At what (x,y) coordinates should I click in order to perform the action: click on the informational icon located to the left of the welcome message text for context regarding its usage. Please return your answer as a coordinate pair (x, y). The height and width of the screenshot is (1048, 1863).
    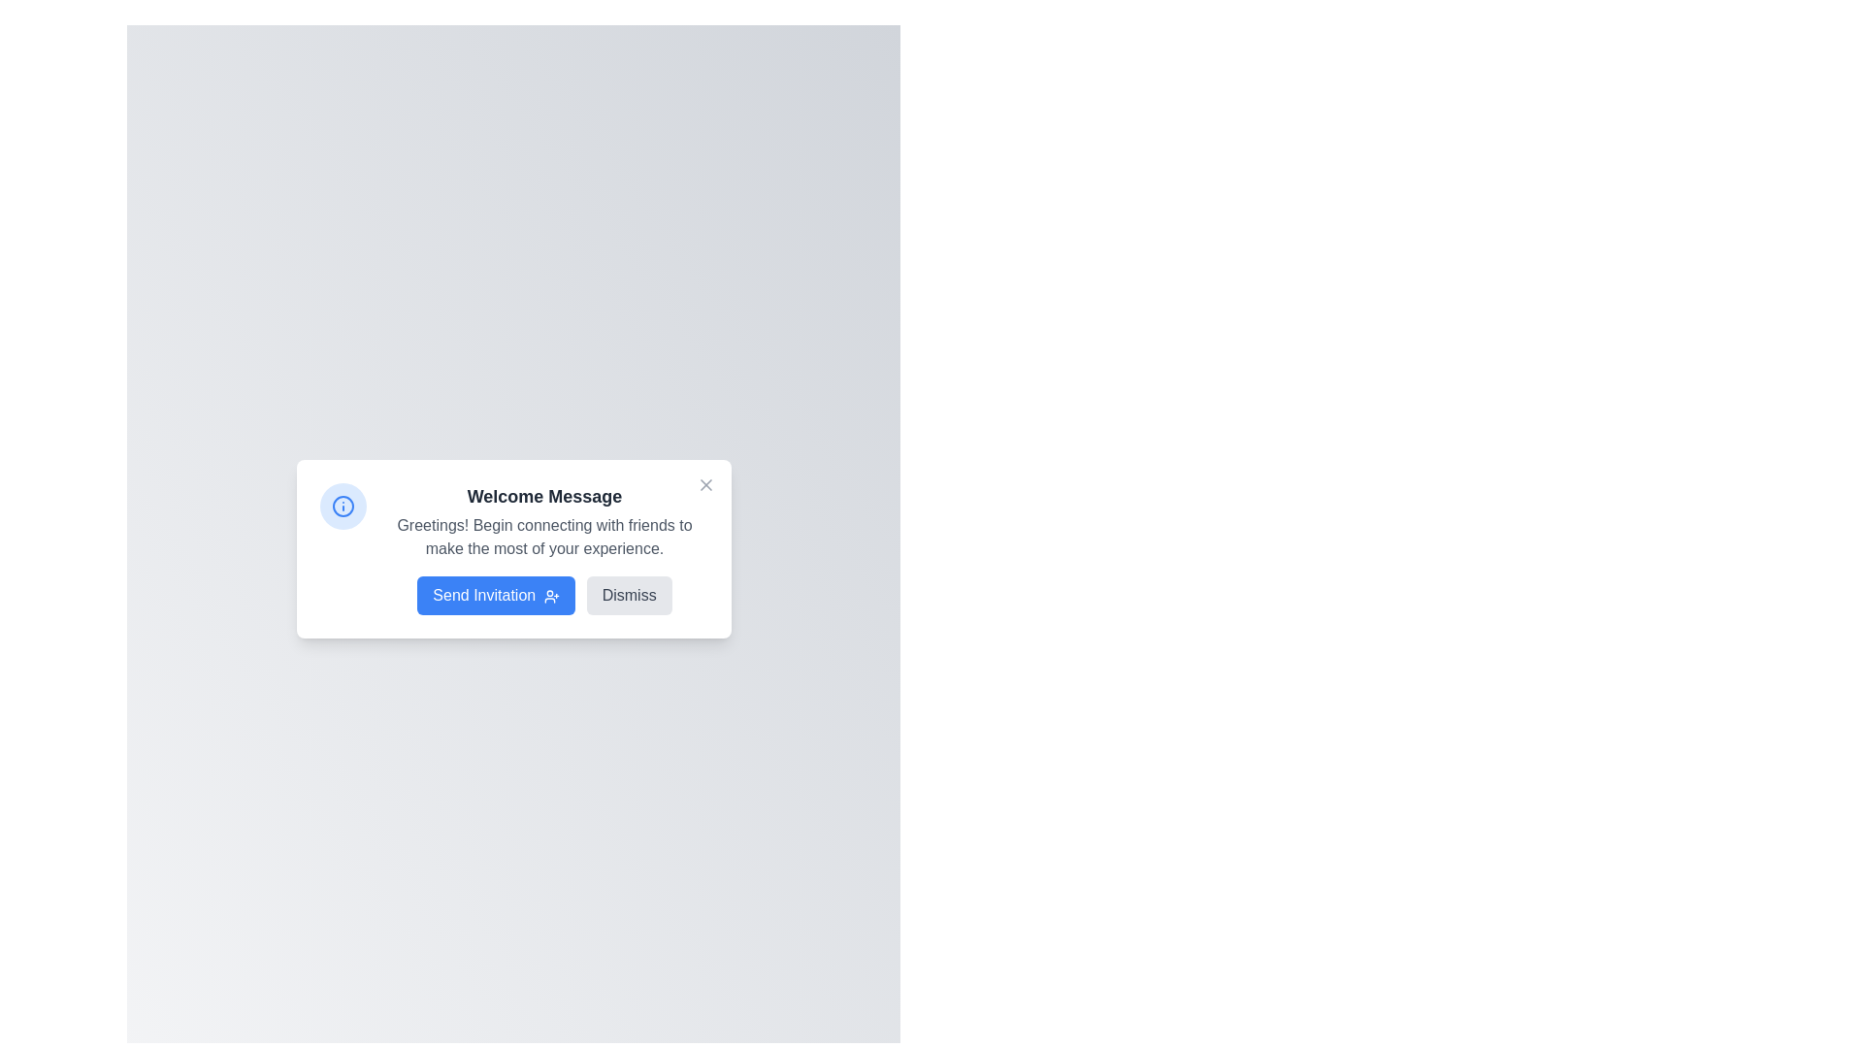
    Looking at the image, I should click on (343, 505).